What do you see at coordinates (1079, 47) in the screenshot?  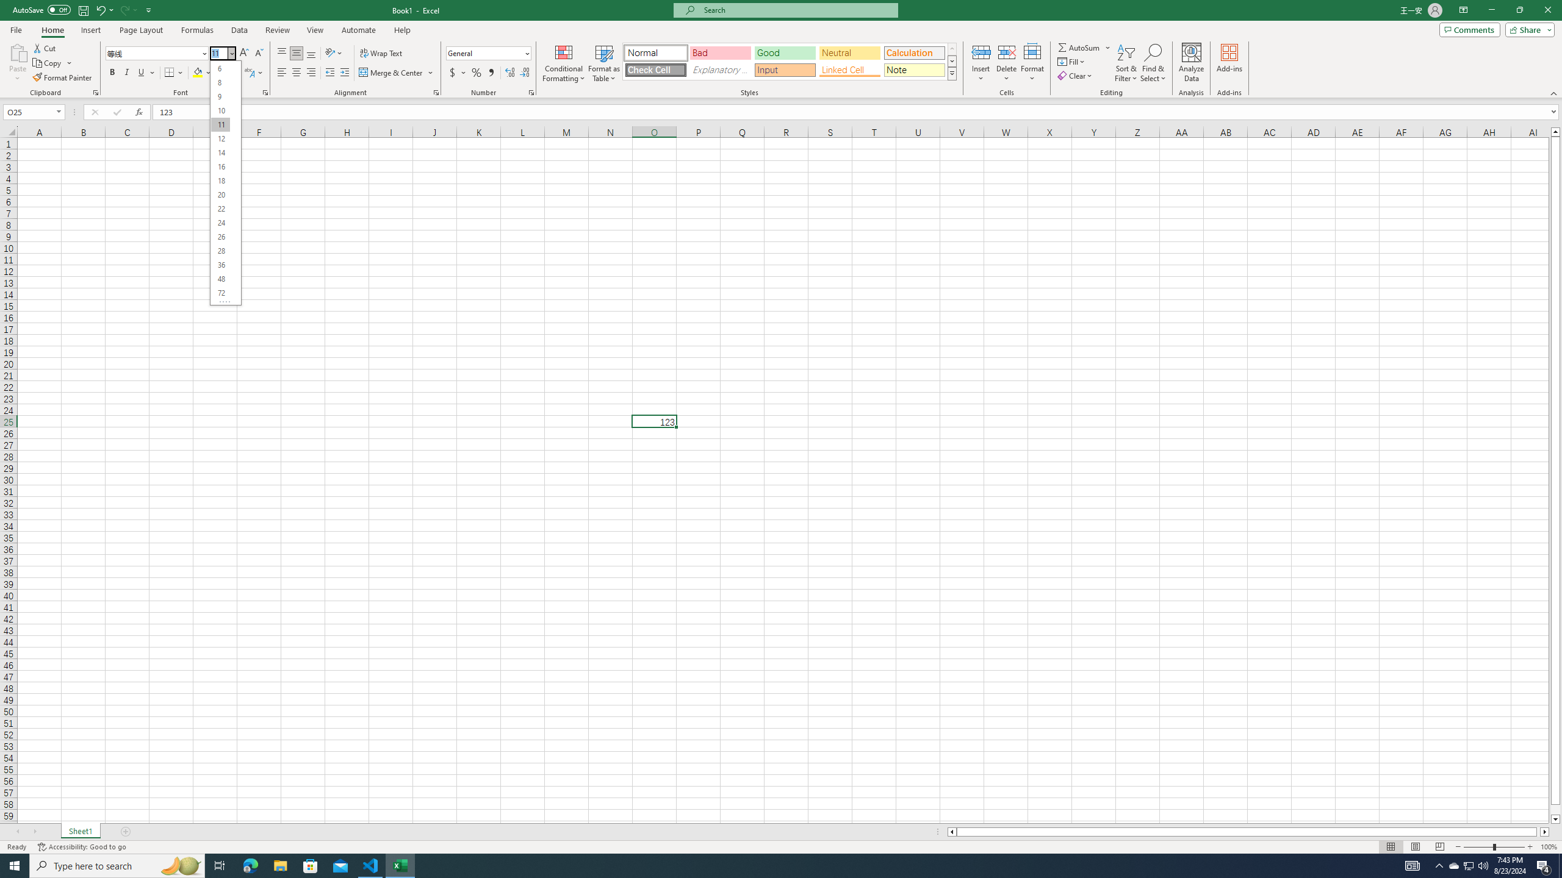 I see `'Sum'` at bounding box center [1079, 47].